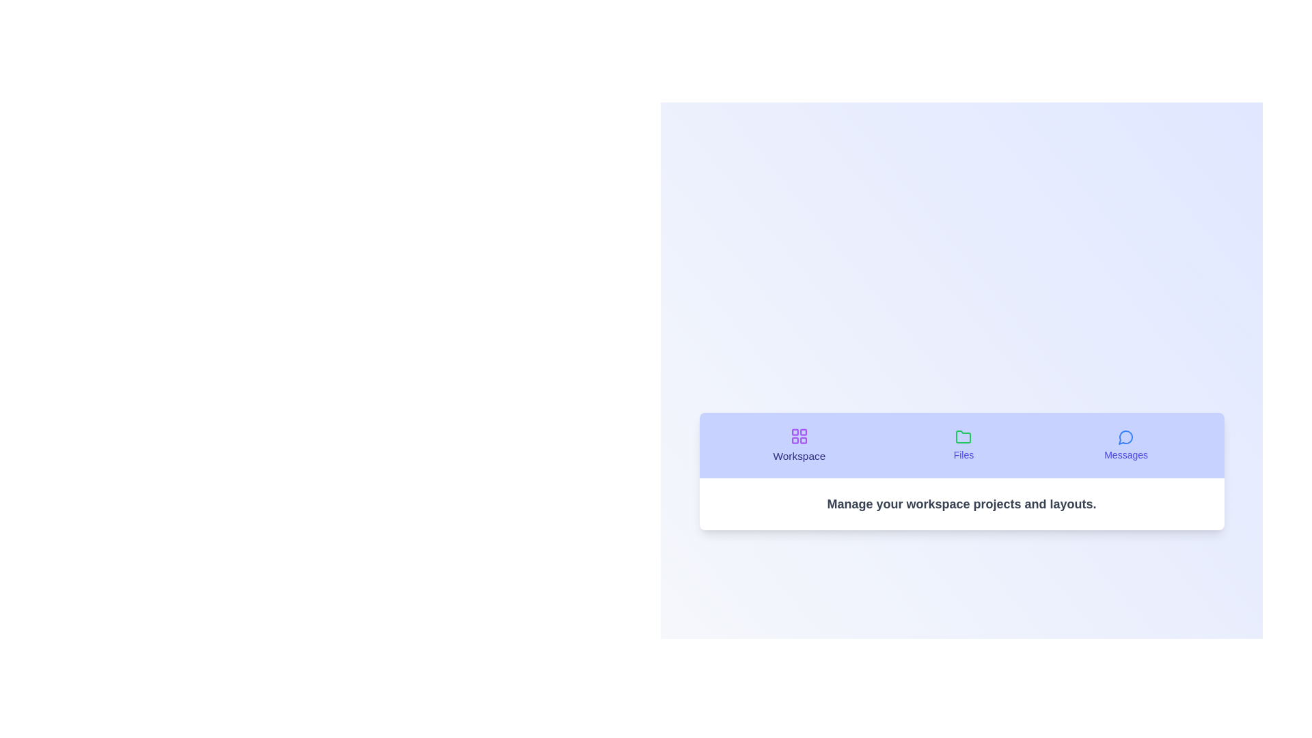 This screenshot has height=738, width=1312. Describe the element at coordinates (1126, 445) in the screenshot. I see `the tab labeled Messages to switch to that tab` at that location.